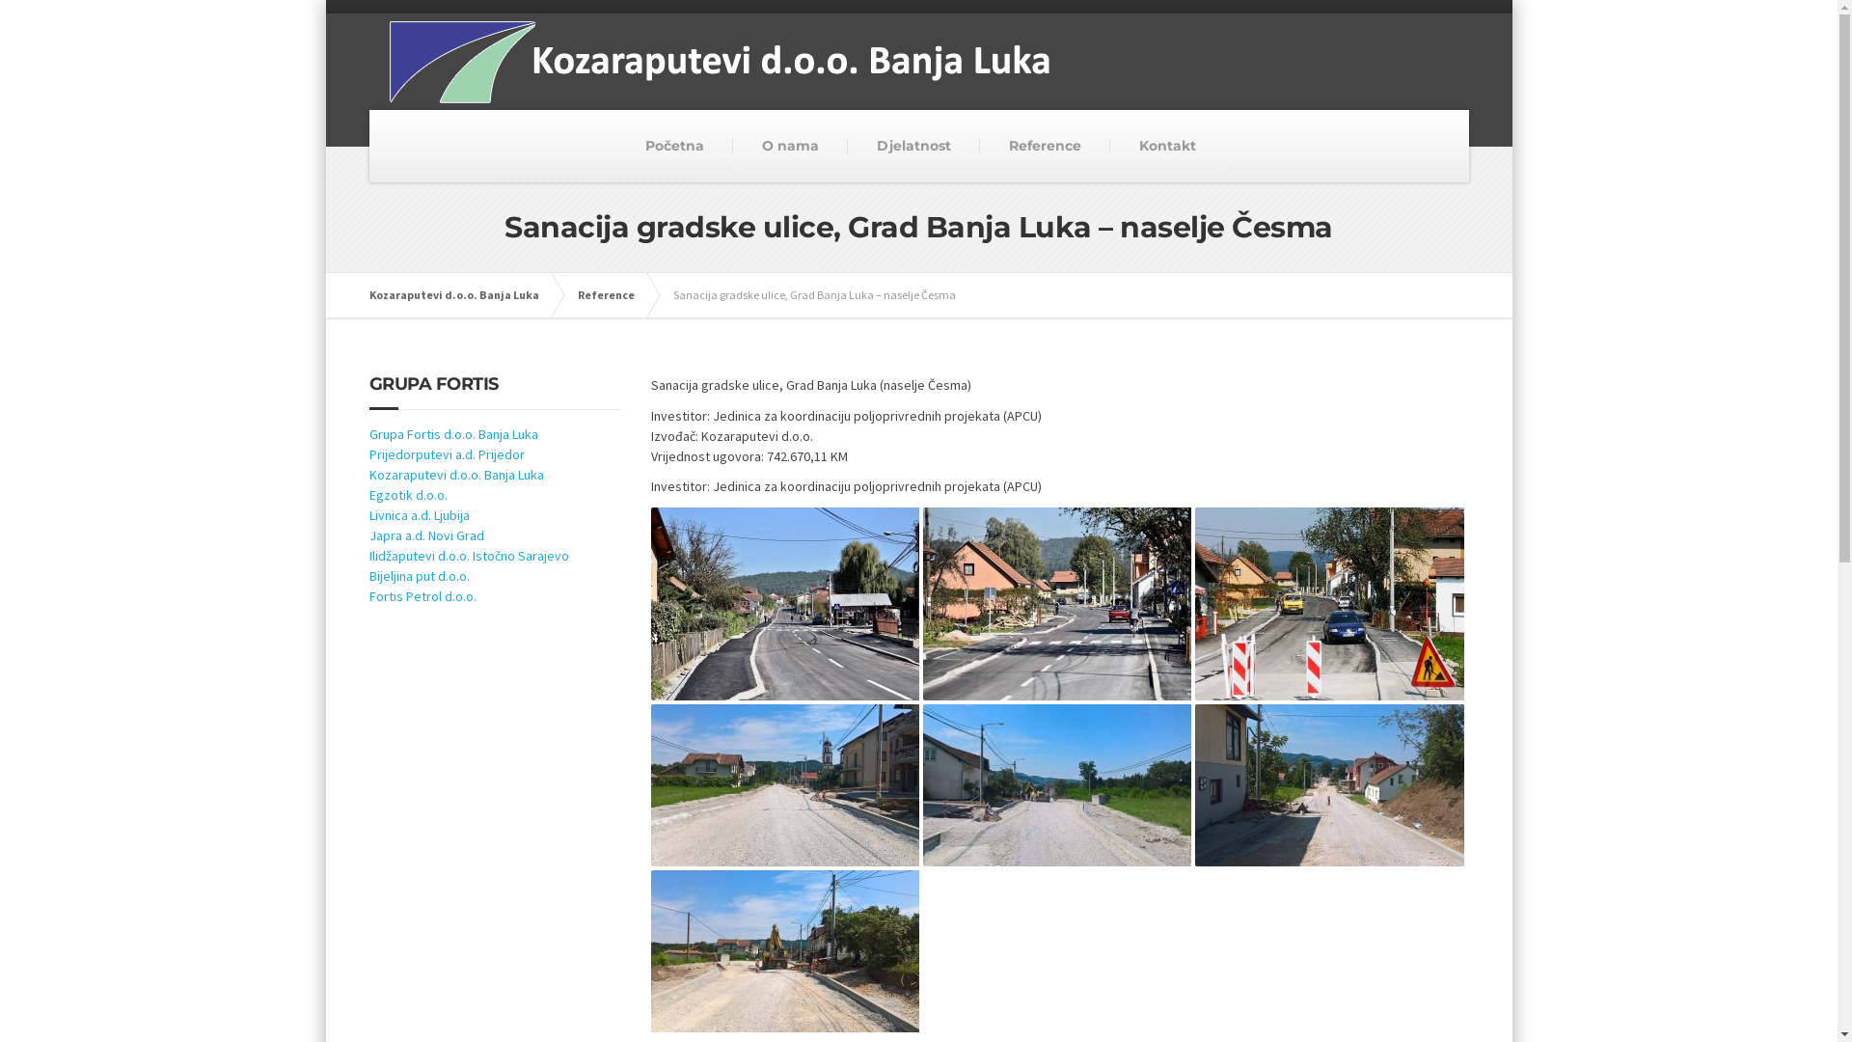 The image size is (1852, 1042). I want to click on 'Prijedorputevi a.d. Prijedor', so click(368, 453).